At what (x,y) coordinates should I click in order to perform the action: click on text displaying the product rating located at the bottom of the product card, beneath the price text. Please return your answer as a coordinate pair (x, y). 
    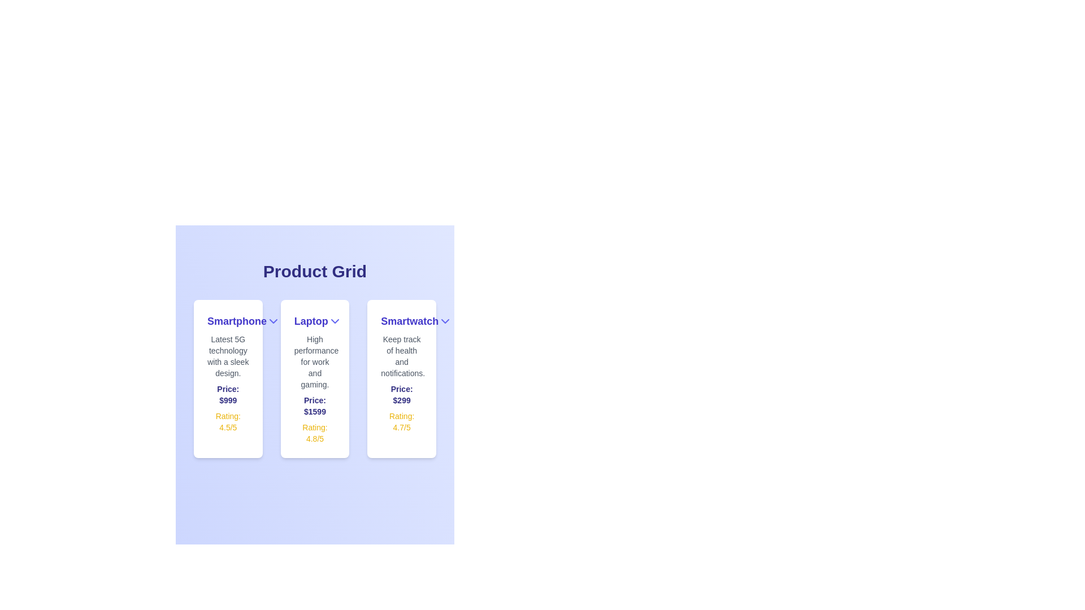
    Looking at the image, I should click on (227, 422).